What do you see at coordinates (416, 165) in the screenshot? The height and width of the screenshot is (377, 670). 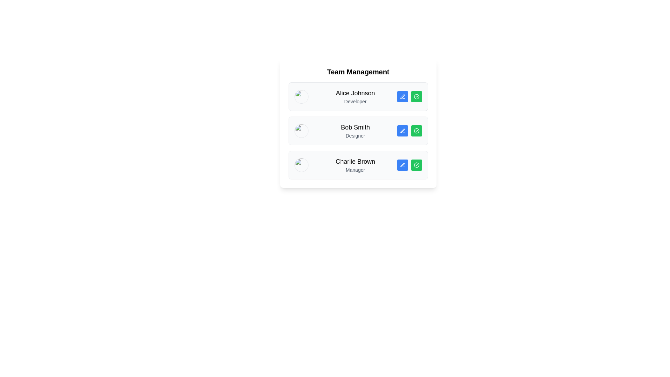 I see `the small circular green button with a check mark located in the bottom-right section of the 'Charlie Brown' card in the 'Team Management' interface` at bounding box center [416, 165].